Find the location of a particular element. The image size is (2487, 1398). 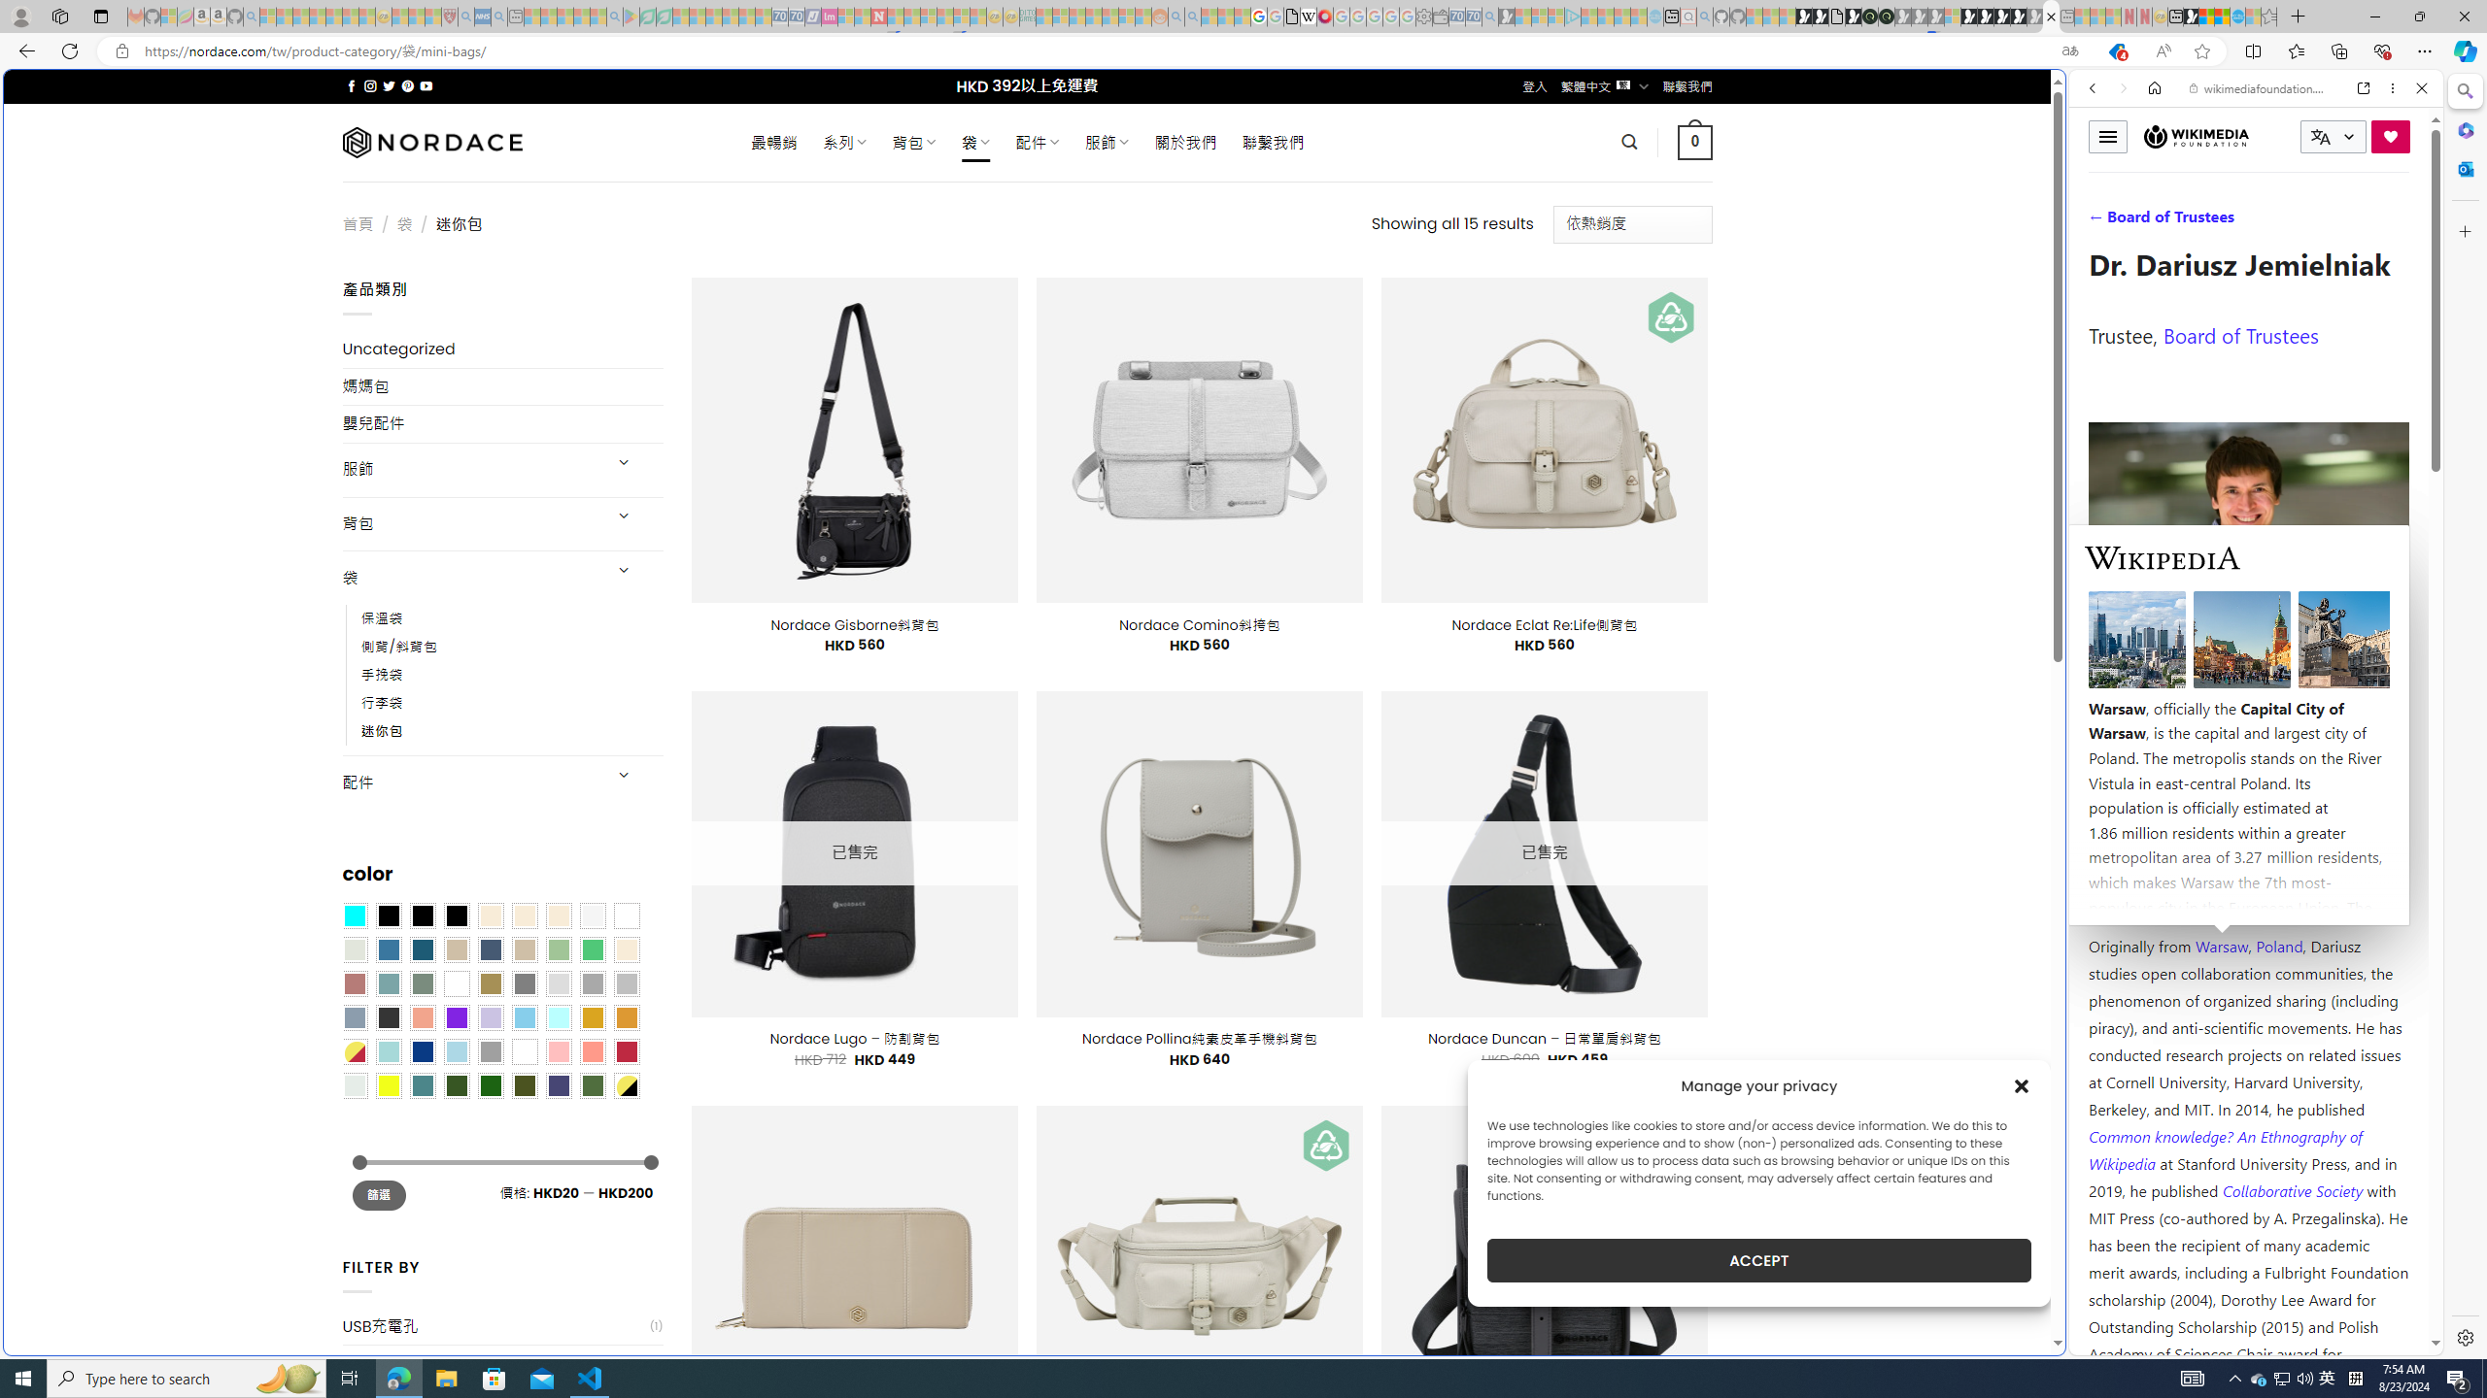

'Search the web' is located at coordinates (2265, 133).